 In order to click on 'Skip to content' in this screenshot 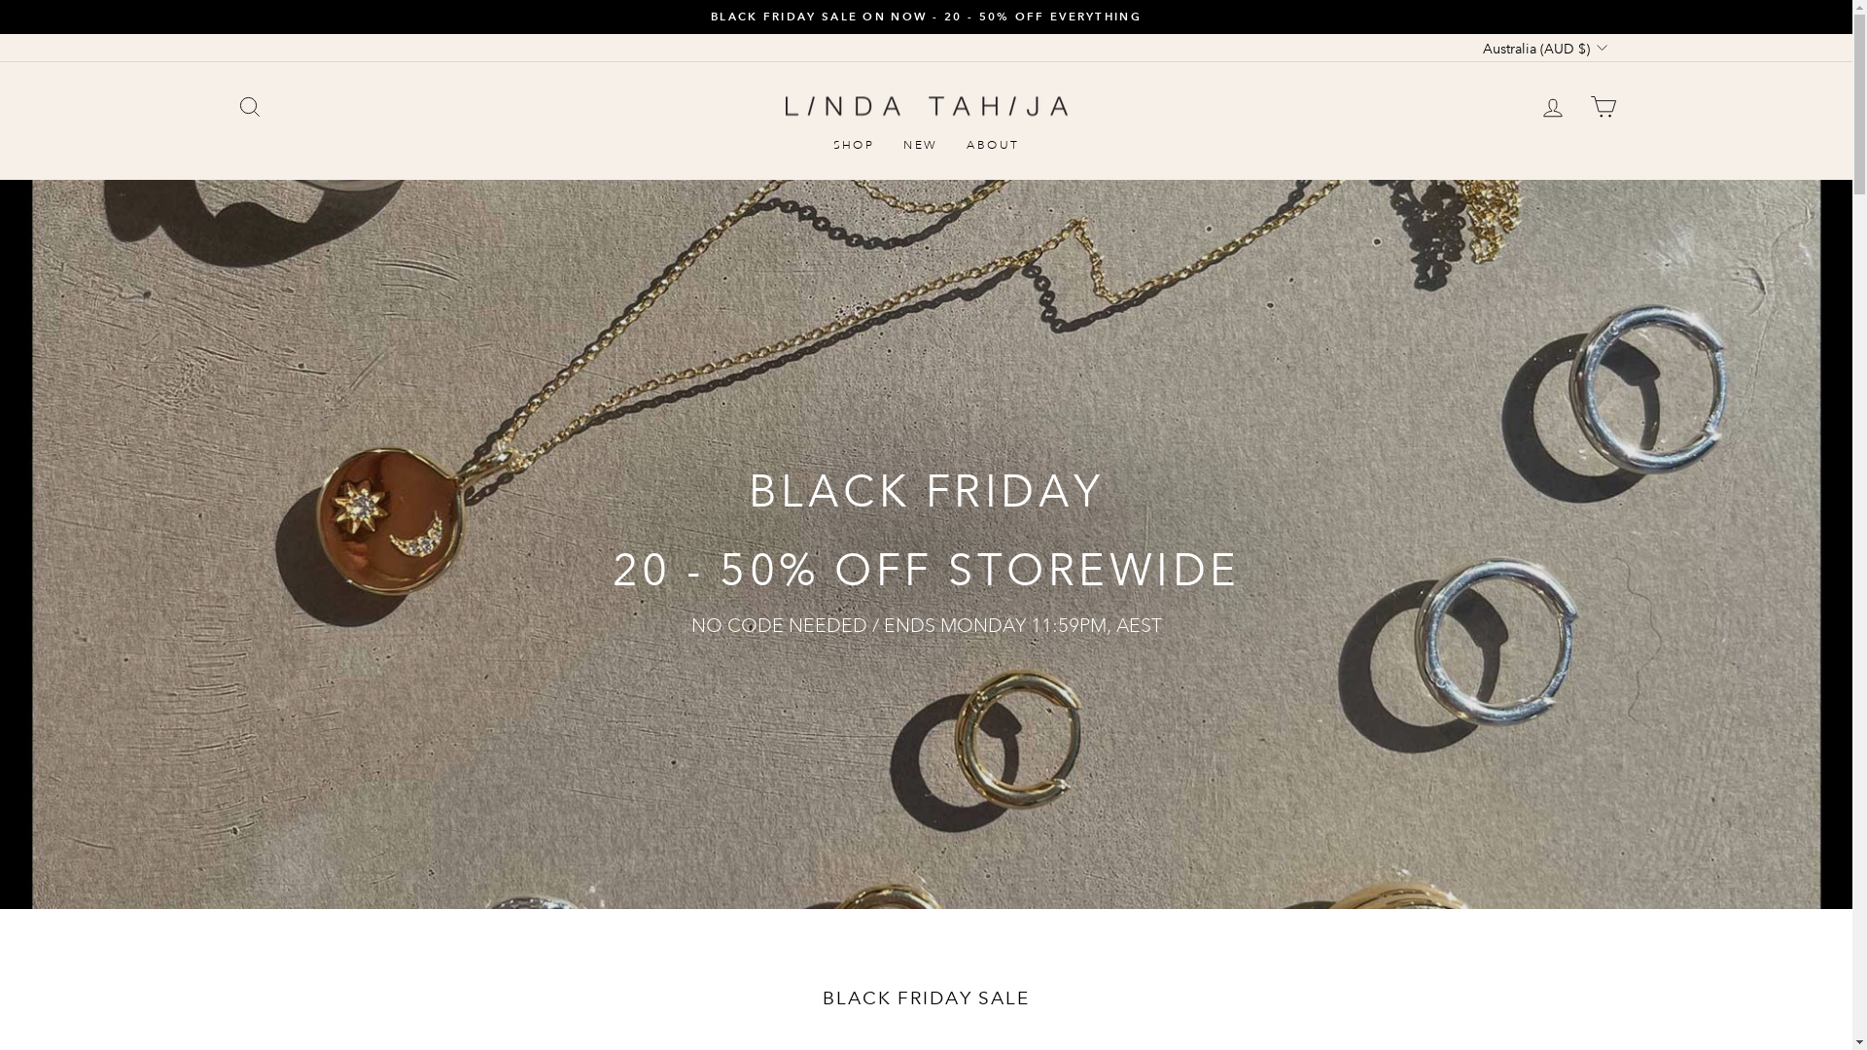, I will do `click(0, 0)`.